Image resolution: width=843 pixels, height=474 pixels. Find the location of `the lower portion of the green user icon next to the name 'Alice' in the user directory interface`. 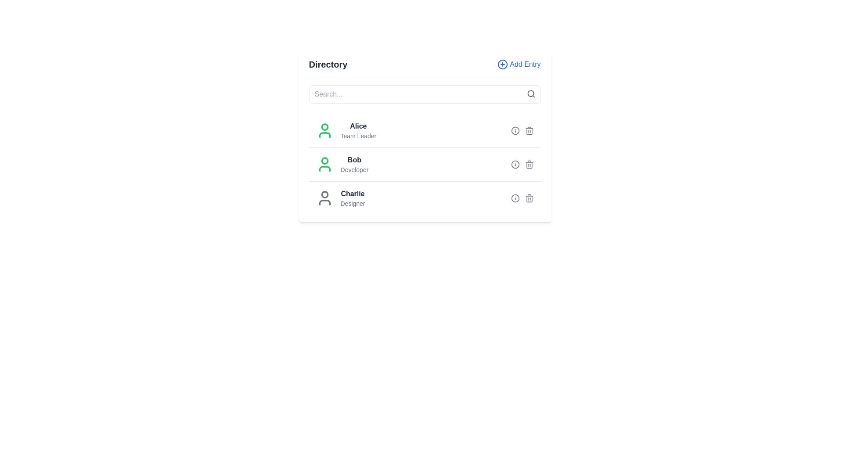

the lower portion of the green user icon next to the name 'Alice' in the user directory interface is located at coordinates (324, 135).